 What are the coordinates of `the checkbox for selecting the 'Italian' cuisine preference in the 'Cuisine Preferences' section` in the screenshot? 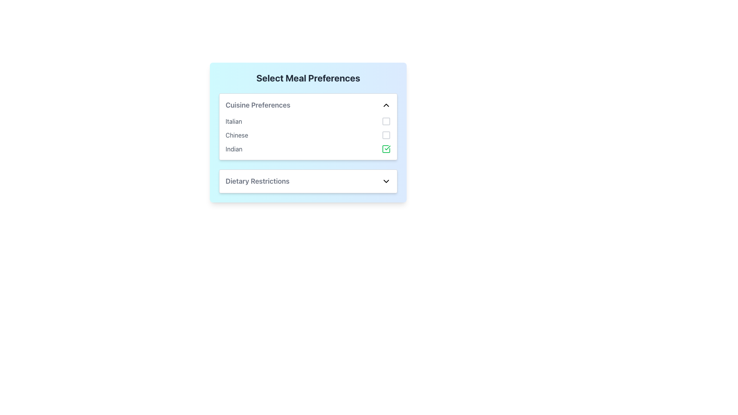 It's located at (386, 121).